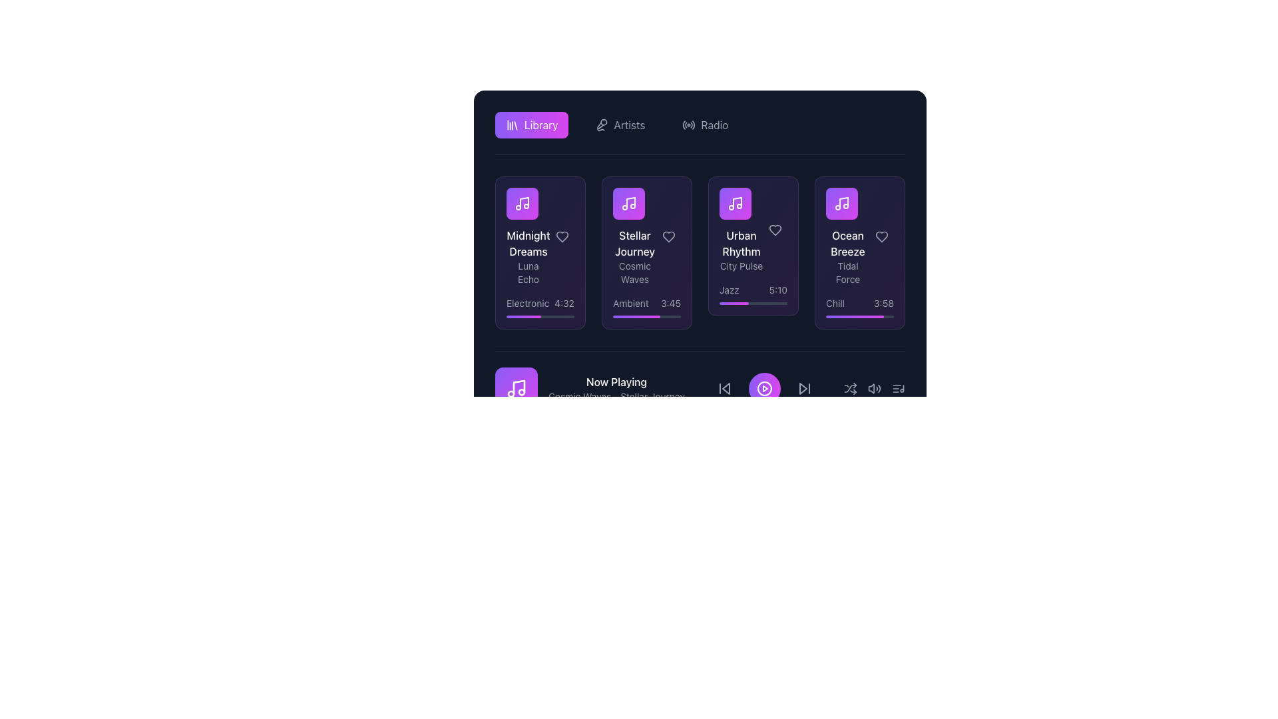  Describe the element at coordinates (699, 395) in the screenshot. I see `the playback progress in the Footer section which displays the currently playing track's title, artist, and playback controls` at that location.